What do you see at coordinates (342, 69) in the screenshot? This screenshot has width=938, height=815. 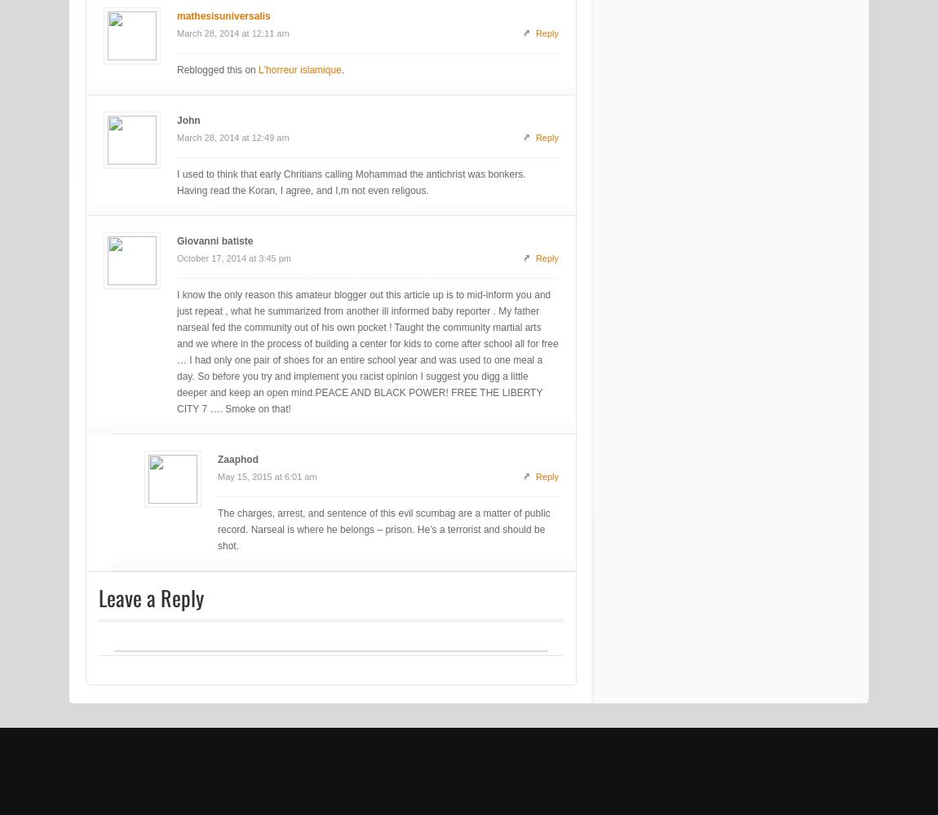 I see `'.'` at bounding box center [342, 69].